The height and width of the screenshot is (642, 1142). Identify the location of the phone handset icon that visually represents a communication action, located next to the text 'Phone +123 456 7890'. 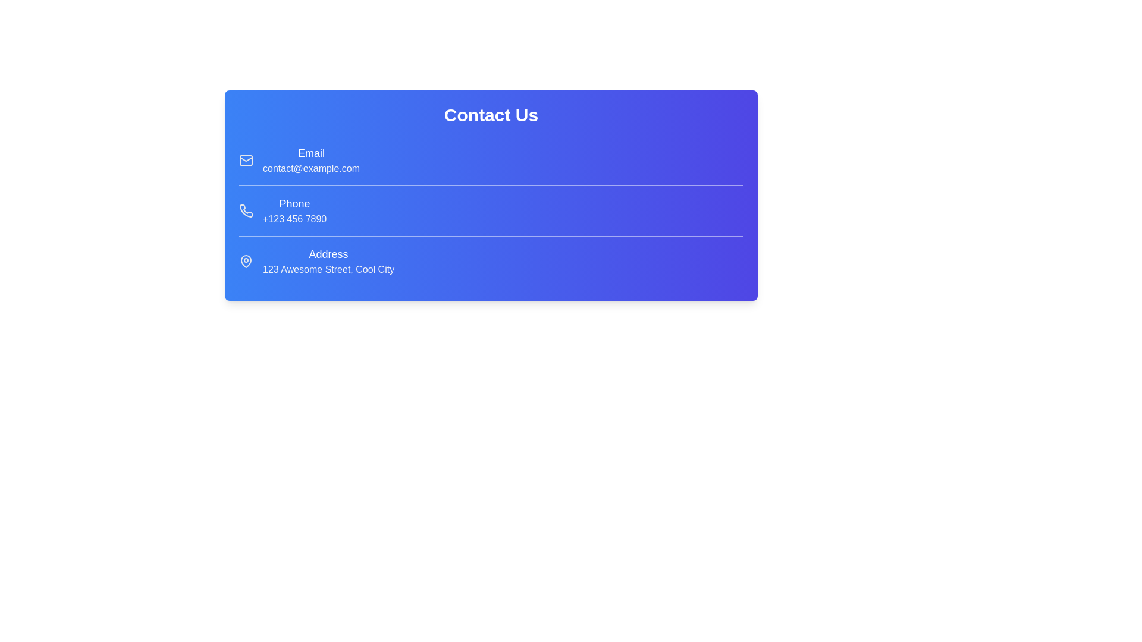
(245, 210).